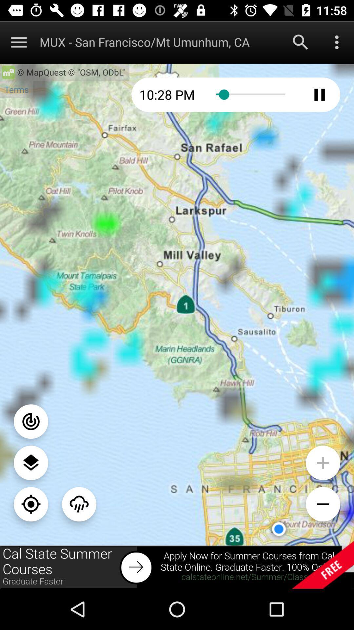  Describe the element at coordinates (31, 504) in the screenshot. I see `current location` at that location.